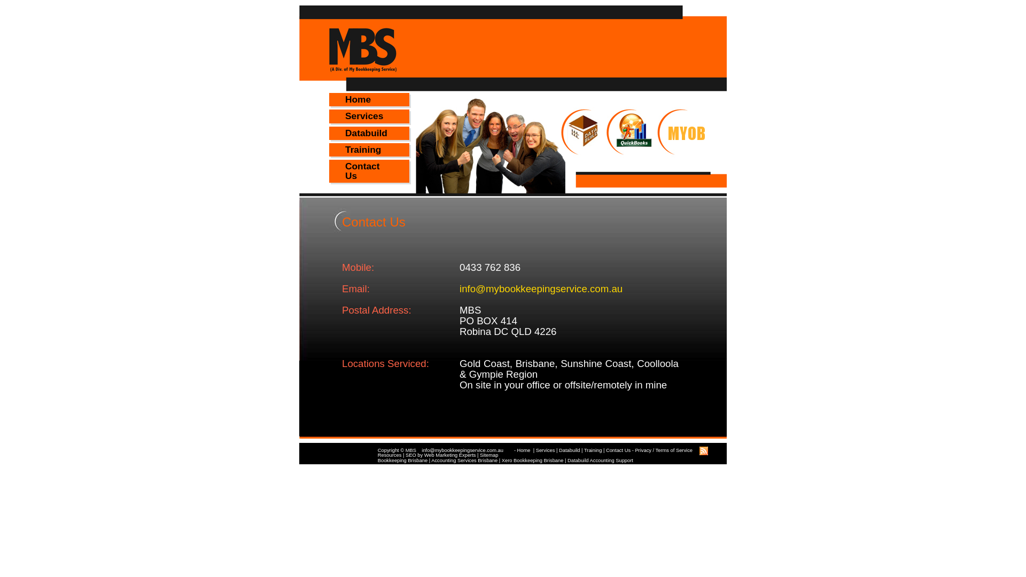 The height and width of the screenshot is (577, 1026). I want to click on 'Contact Us', so click(618, 450).